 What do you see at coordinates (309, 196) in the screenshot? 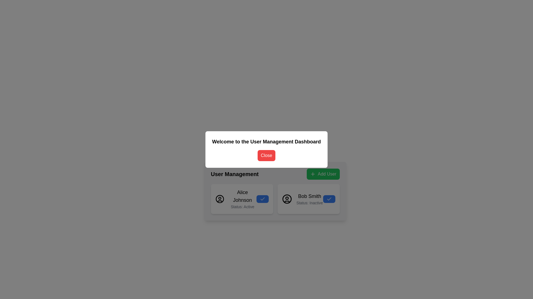
I see `the text label displaying the user's name in the user card, located in the 'User Management' section` at bounding box center [309, 196].